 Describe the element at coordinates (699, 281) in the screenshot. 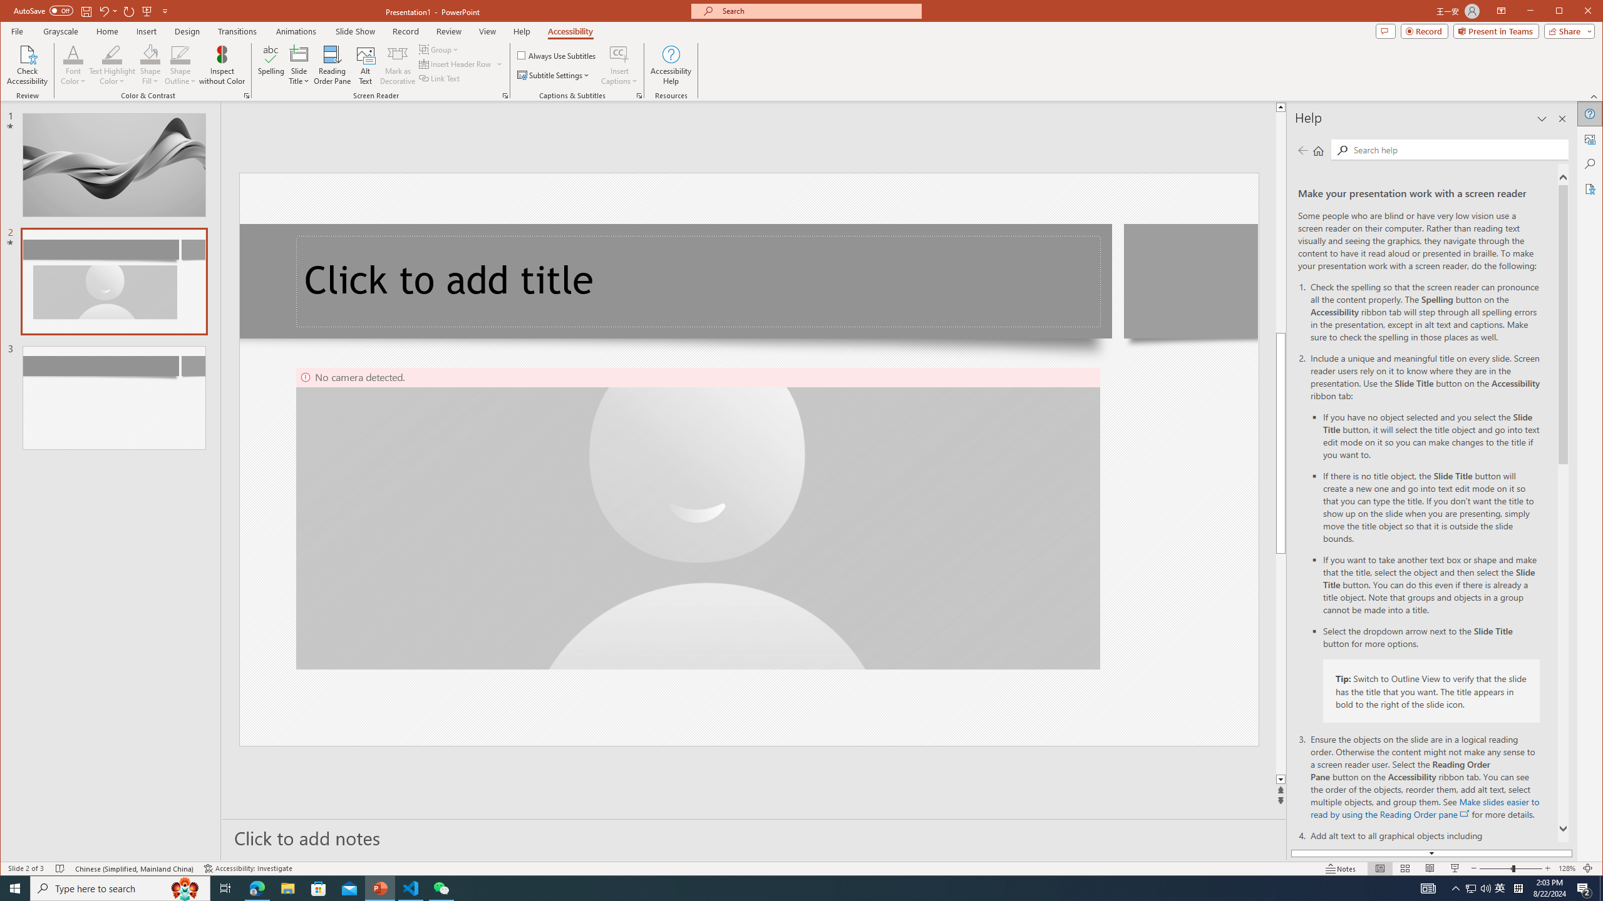

I see `'Title TextBox'` at that location.